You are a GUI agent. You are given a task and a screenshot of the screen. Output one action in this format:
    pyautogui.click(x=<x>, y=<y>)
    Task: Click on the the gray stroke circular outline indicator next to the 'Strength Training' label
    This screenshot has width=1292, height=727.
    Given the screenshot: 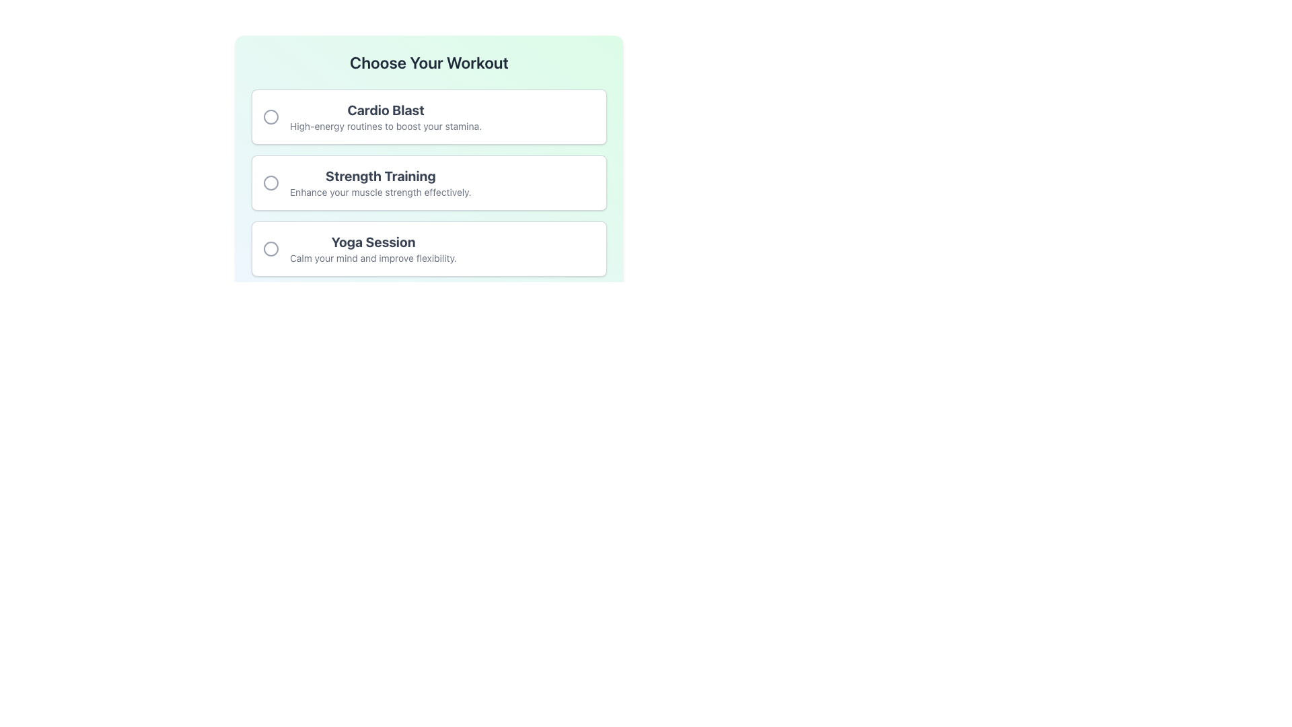 What is the action you would take?
    pyautogui.click(x=271, y=183)
    